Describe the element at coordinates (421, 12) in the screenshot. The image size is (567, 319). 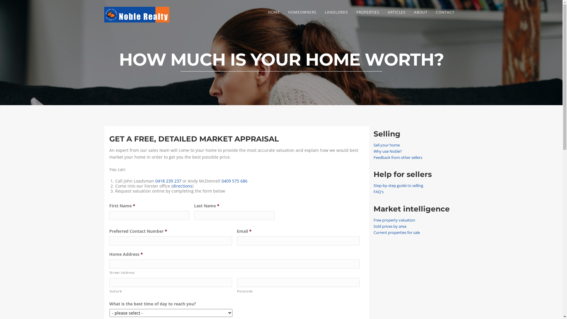
I see `'ABOUT'` at that location.